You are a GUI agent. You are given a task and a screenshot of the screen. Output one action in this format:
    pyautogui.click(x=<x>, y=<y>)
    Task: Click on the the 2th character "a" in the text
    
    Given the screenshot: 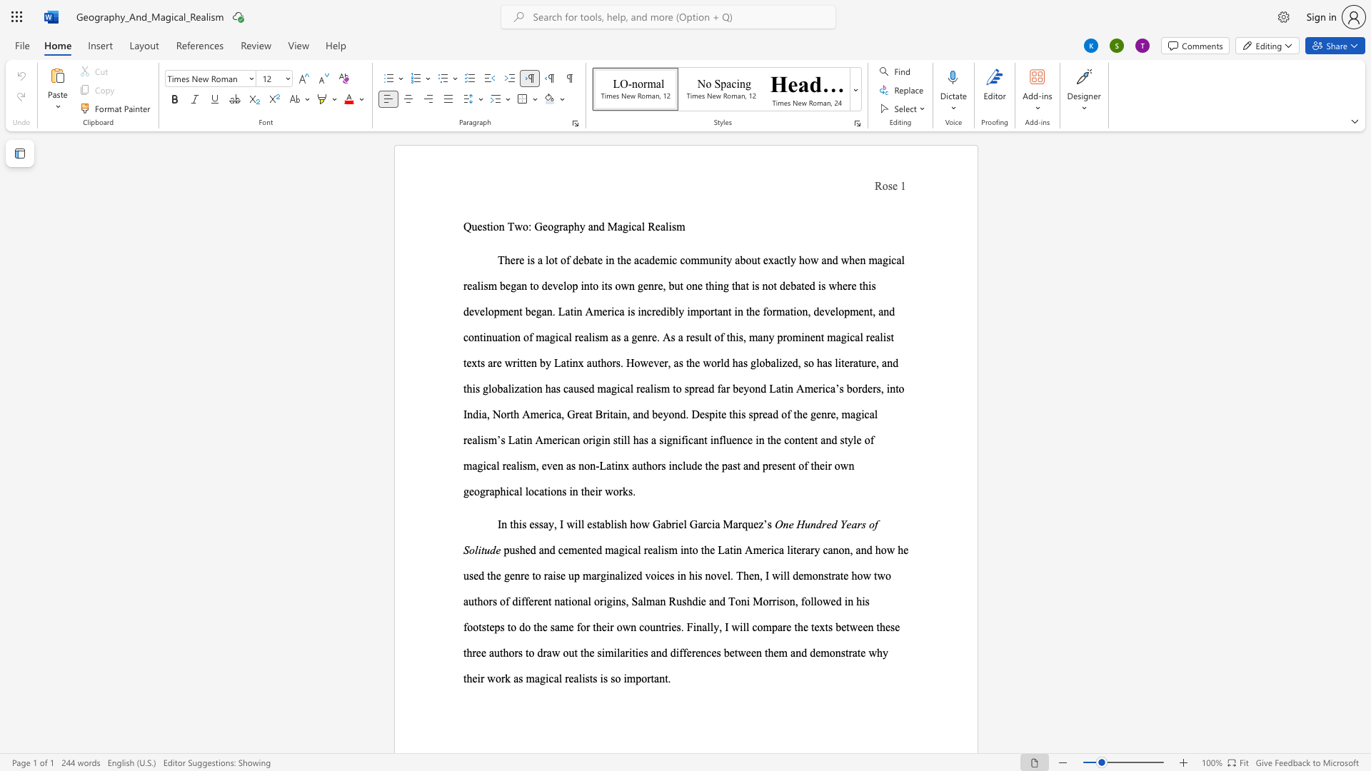 What is the action you would take?
    pyautogui.click(x=700, y=524)
    